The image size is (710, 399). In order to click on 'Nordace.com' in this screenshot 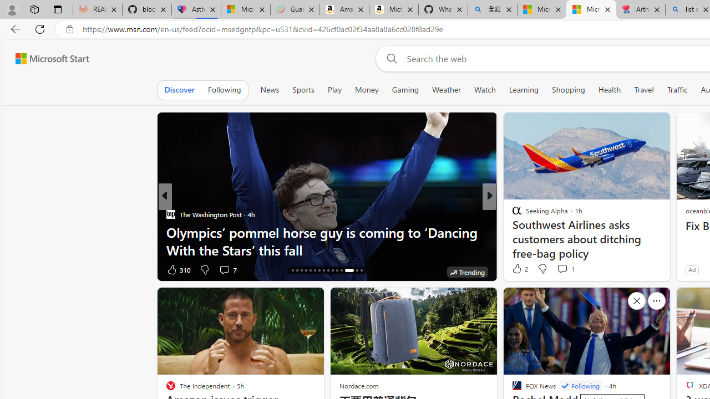, I will do `click(359, 385)`.